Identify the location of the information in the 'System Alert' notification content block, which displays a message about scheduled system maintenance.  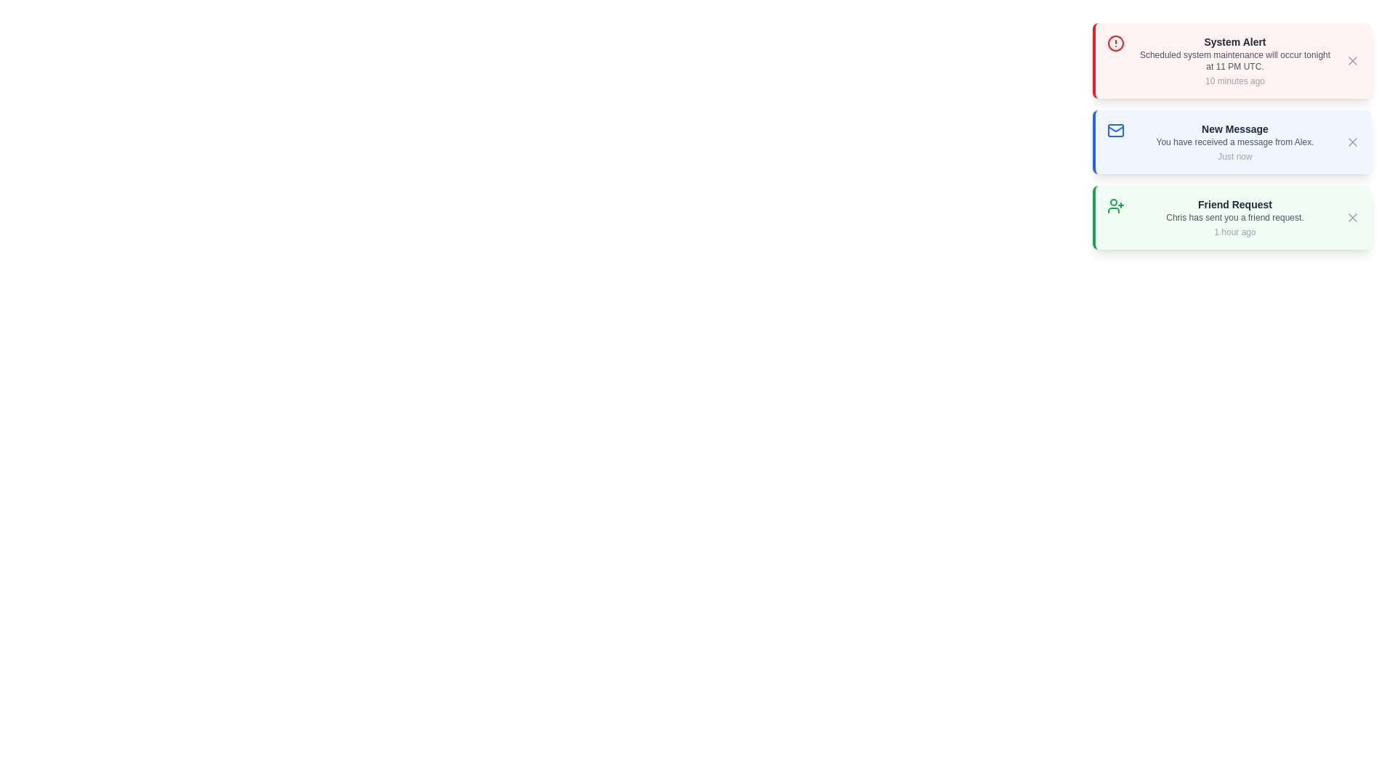
(1234, 60).